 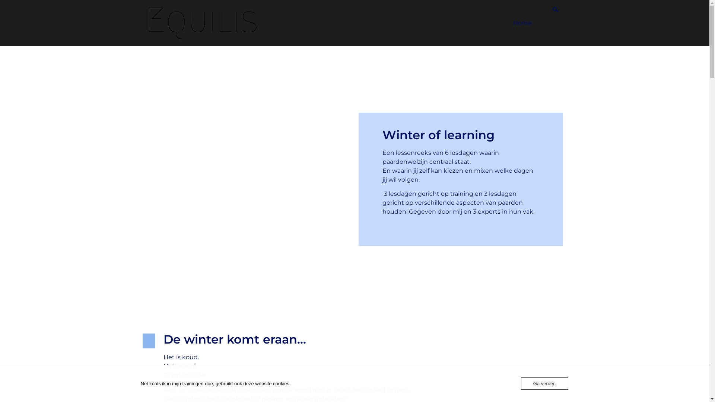 I want to click on 'Home', so click(x=522, y=22).